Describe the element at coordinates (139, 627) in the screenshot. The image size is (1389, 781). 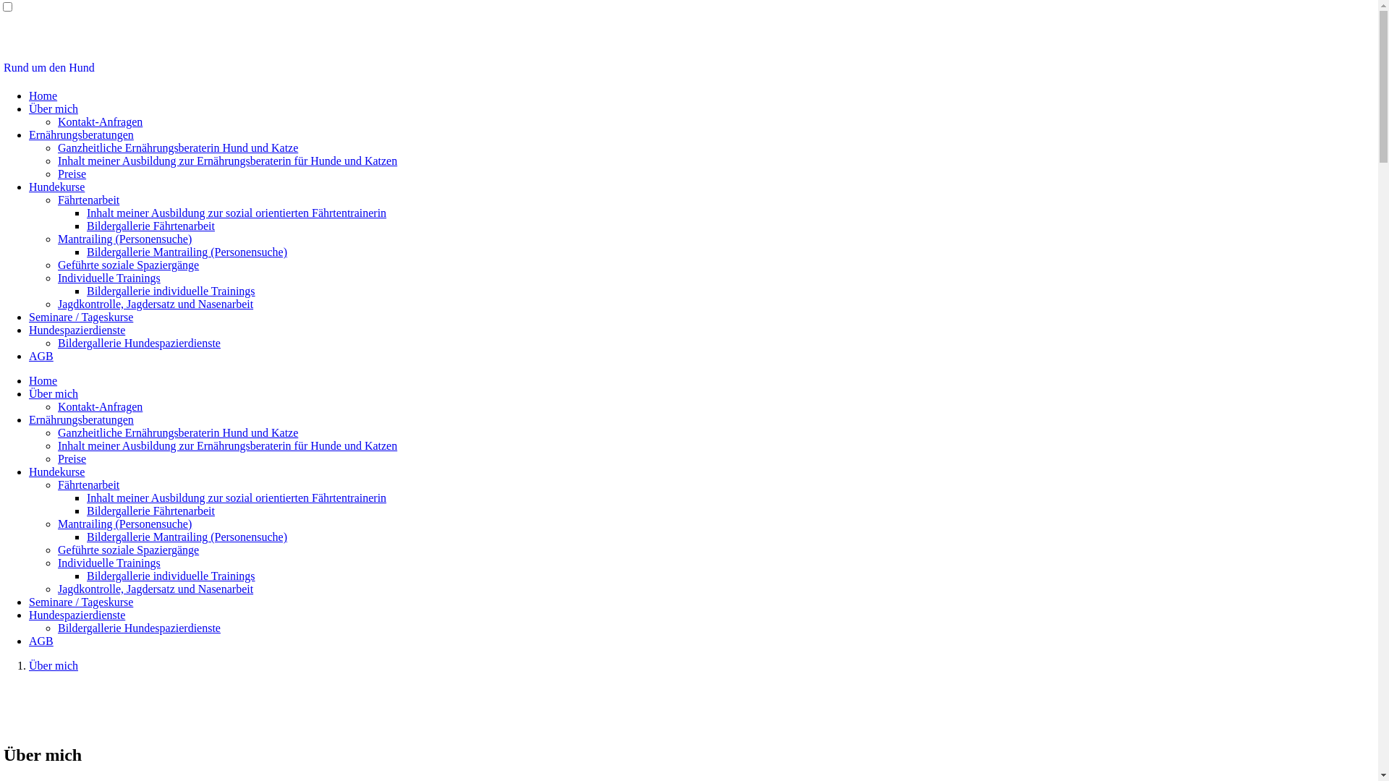
I see `'Bildergallerie Hundespazierdienste'` at that location.